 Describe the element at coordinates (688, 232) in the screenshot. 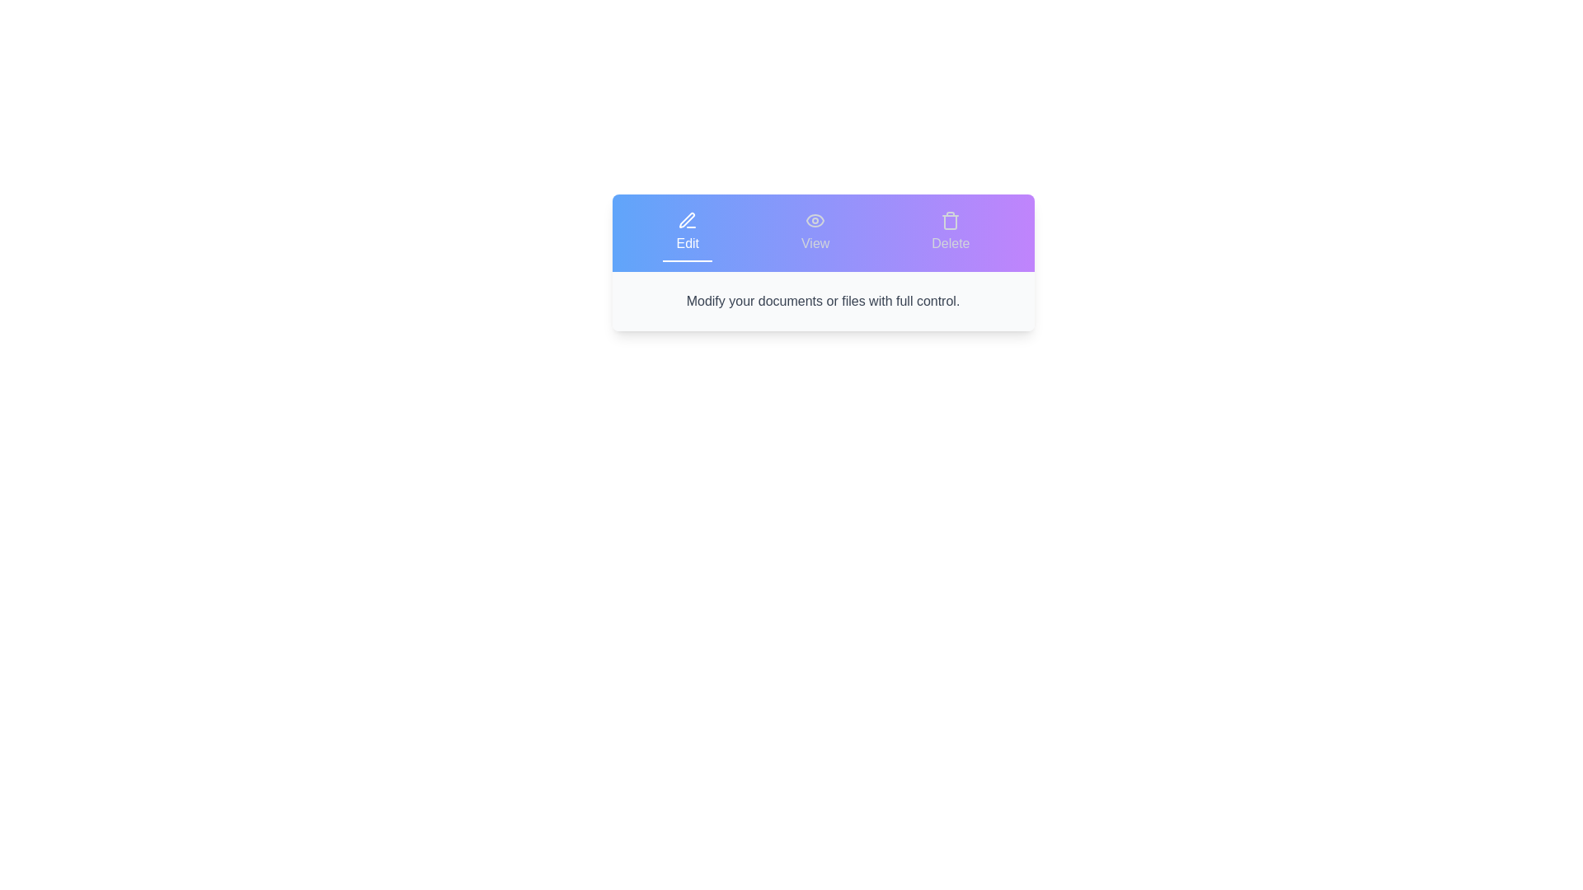

I see `the tab labeled Edit to view its content` at that location.